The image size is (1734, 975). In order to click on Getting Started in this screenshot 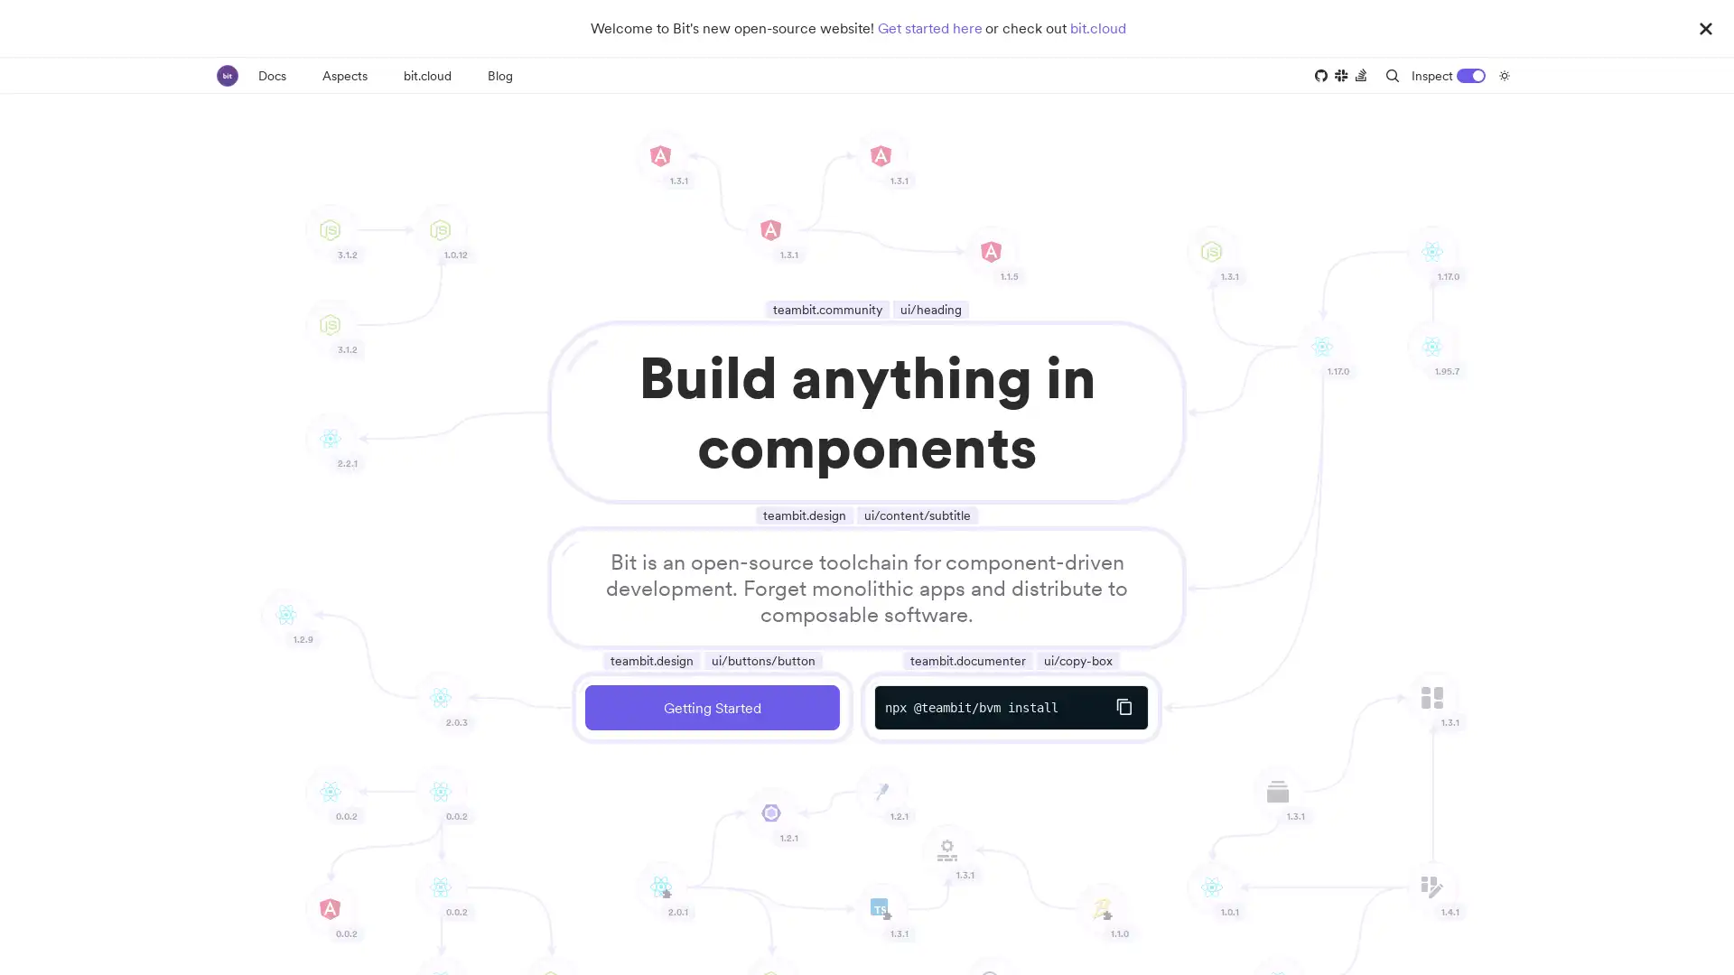, I will do `click(711, 706)`.